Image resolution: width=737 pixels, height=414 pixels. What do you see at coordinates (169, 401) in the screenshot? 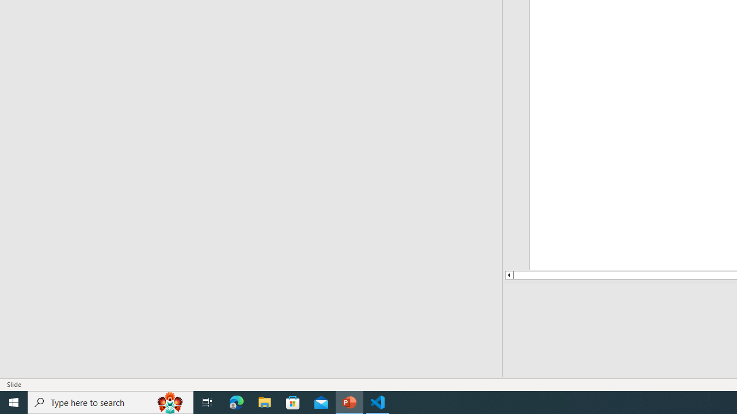
I see `'Search highlights icon opens search home window'` at bounding box center [169, 401].